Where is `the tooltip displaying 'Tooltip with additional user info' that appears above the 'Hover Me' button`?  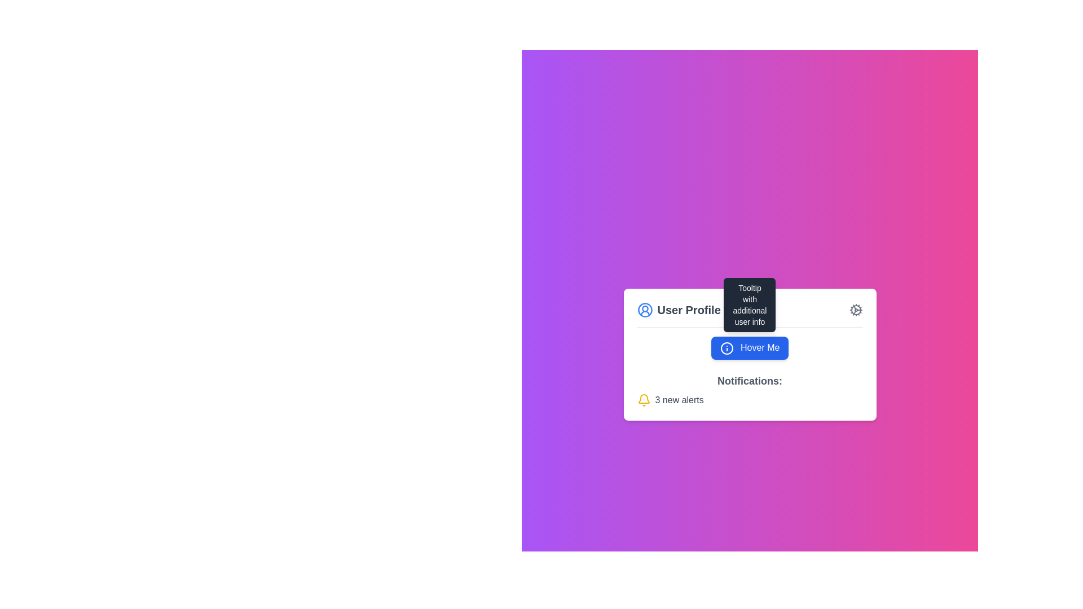
the tooltip displaying 'Tooltip with additional user info' that appears above the 'Hover Me' button is located at coordinates (750, 305).